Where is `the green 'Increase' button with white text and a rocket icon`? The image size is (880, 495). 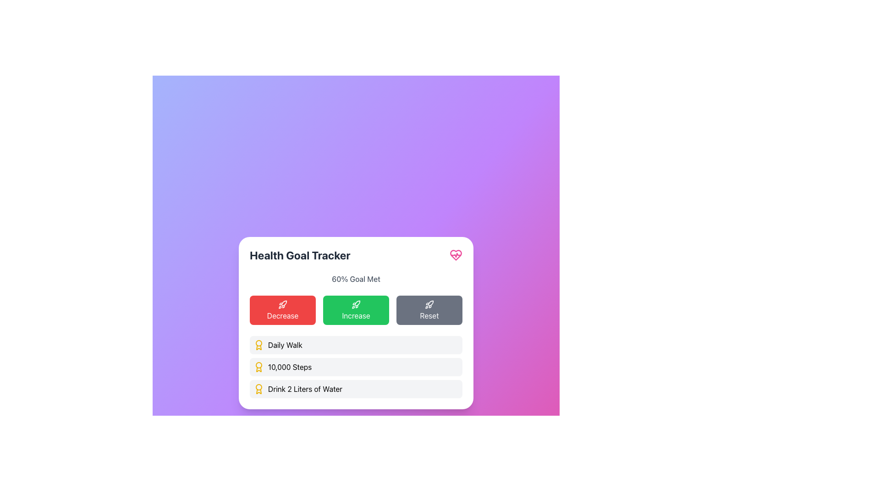 the green 'Increase' button with white text and a rocket icon is located at coordinates (356, 310).